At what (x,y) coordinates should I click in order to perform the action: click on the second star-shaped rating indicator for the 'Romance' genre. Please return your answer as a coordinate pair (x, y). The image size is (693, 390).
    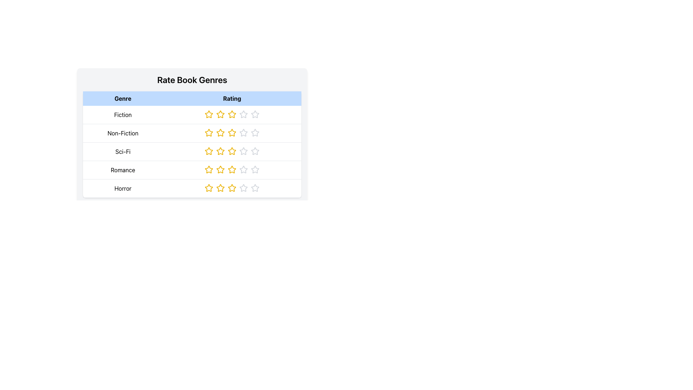
    Looking at the image, I should click on (220, 169).